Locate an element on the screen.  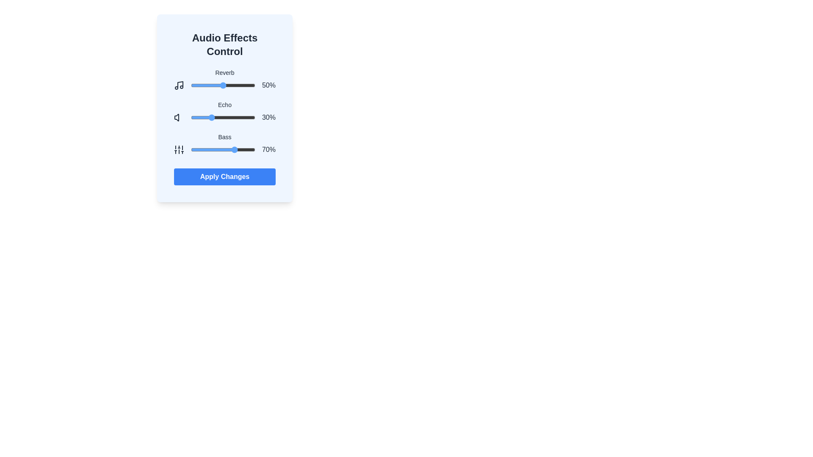
the reverb effect is located at coordinates (233, 85).